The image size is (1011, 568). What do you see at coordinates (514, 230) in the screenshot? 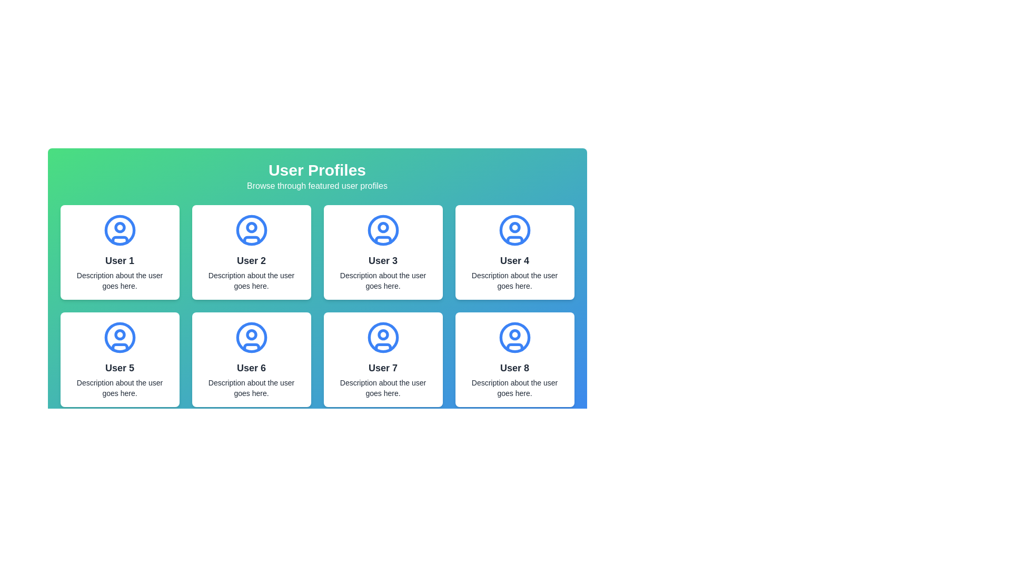
I see `the circular blue user icon representing 'User 4', which is located in the top row and fourth column of the grid layout, above the 'User 4' text header and description` at bounding box center [514, 230].